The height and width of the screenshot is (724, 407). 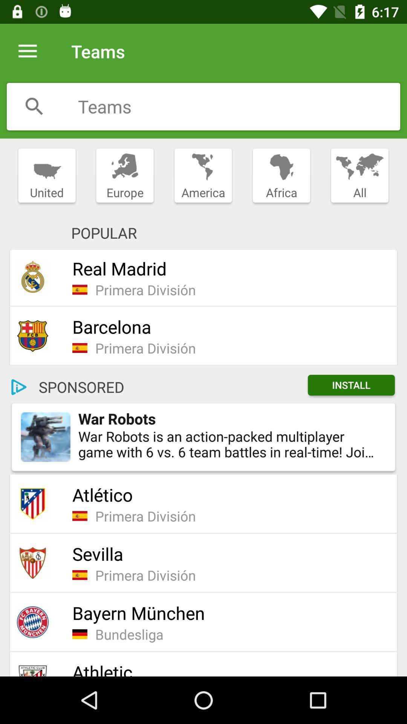 I want to click on search text box, so click(x=239, y=106).